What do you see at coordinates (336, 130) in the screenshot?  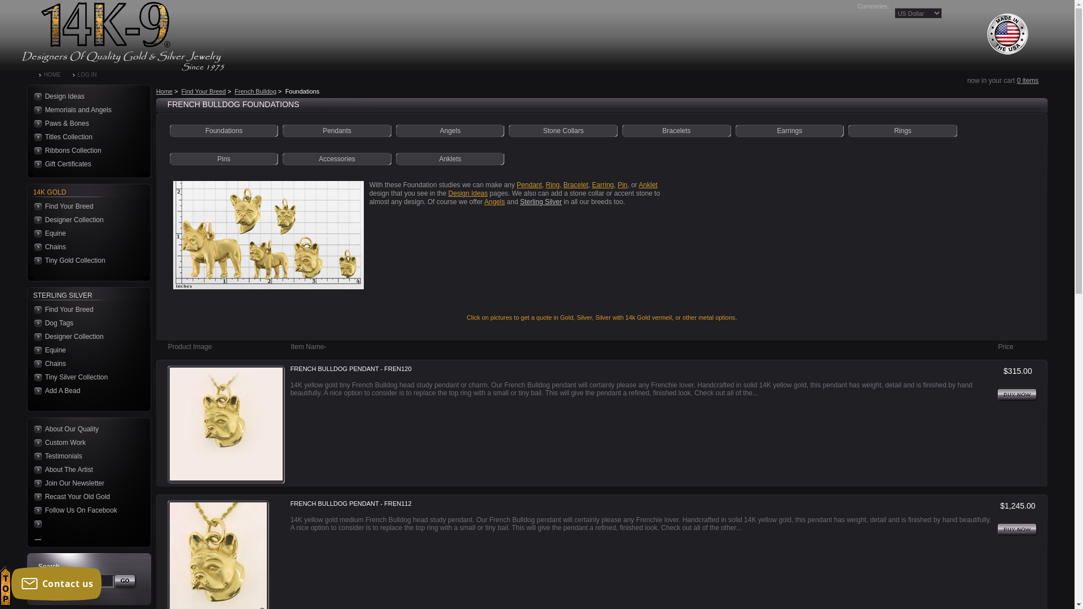 I see `'Pendants'` at bounding box center [336, 130].